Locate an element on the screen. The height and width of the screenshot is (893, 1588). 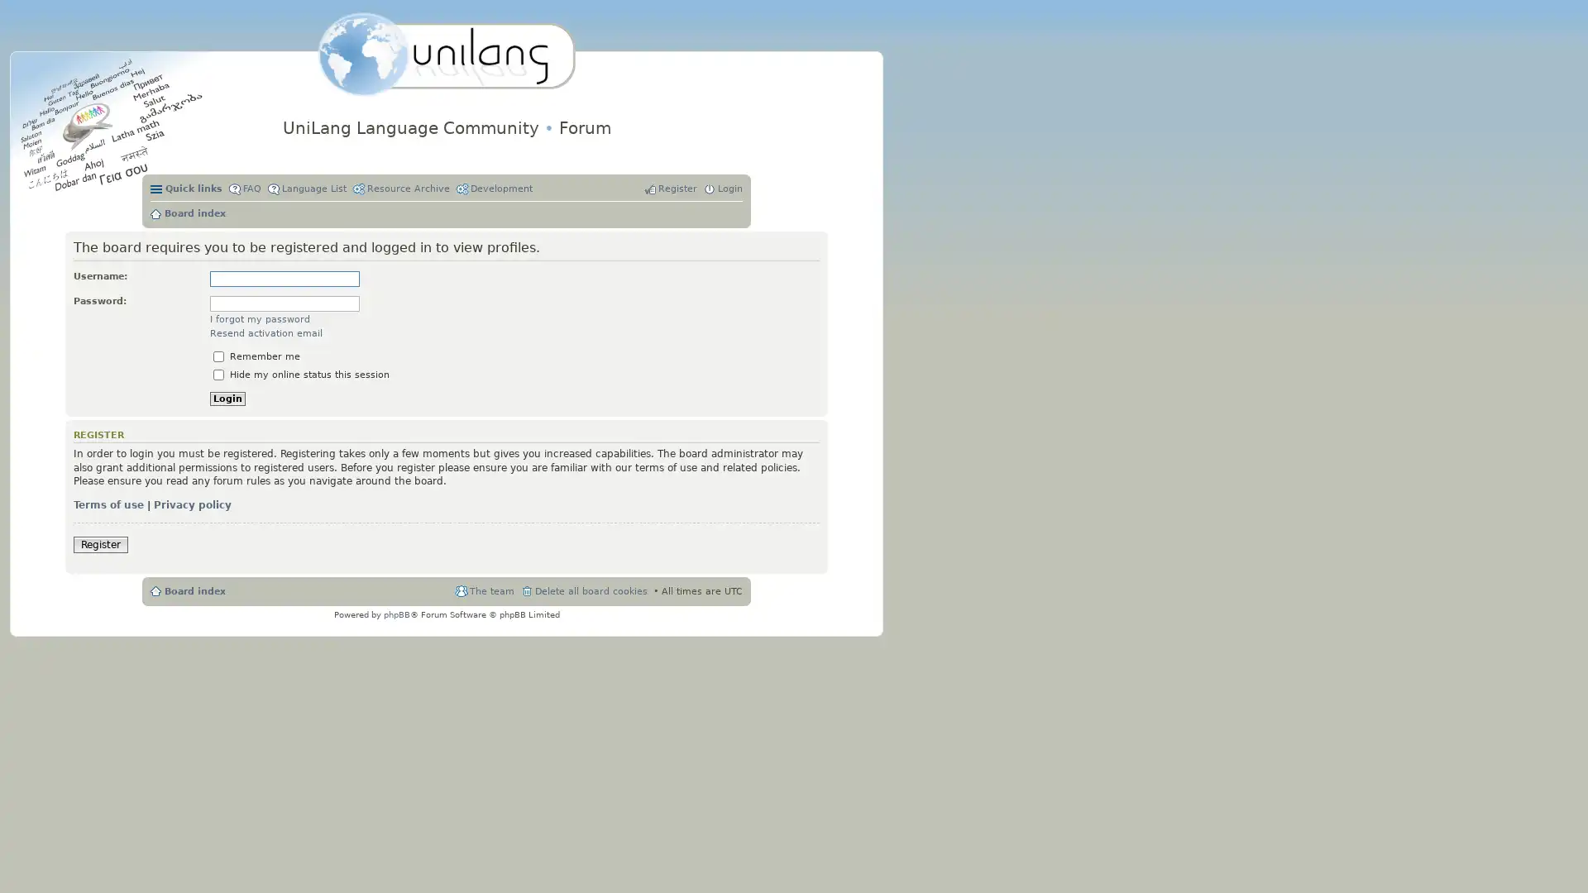
Login is located at coordinates (227, 399).